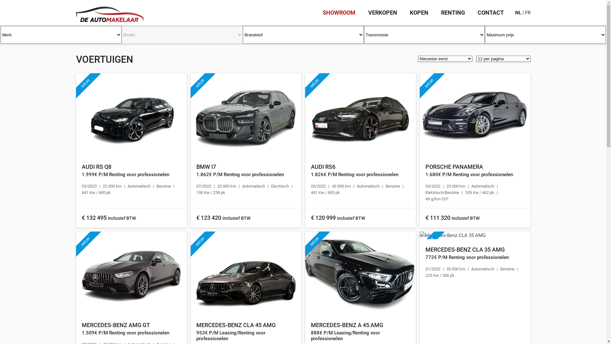 This screenshot has height=344, width=611. I want to click on 'CONTACT', so click(490, 12).